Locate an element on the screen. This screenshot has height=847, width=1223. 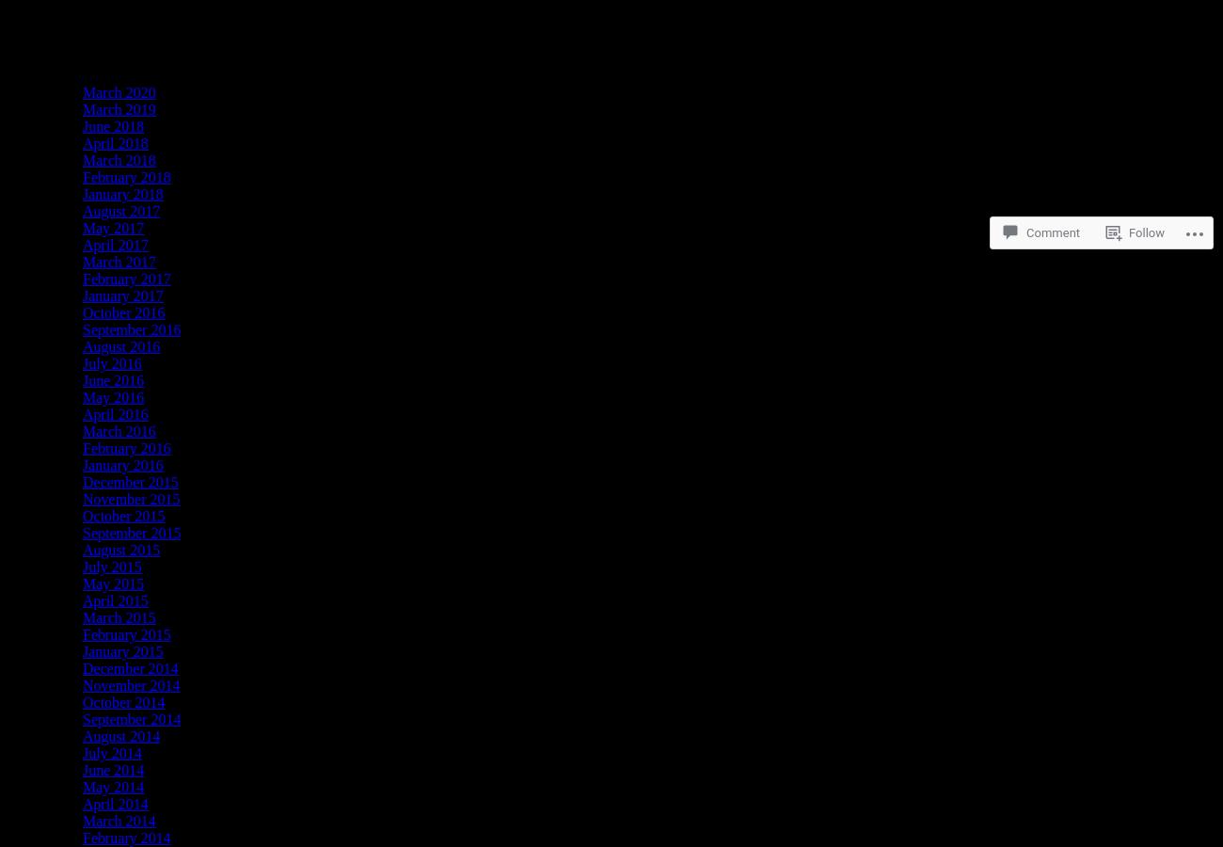
'May 2017' is located at coordinates (83, 227).